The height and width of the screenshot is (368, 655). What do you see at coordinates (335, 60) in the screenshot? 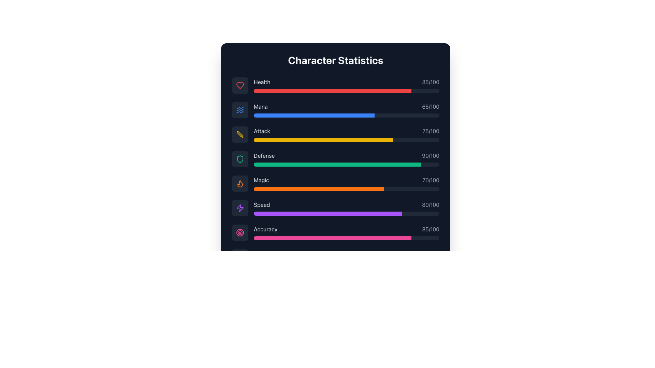
I see `the text element functioning as a heading or title located at the top of the character statistics card` at bounding box center [335, 60].